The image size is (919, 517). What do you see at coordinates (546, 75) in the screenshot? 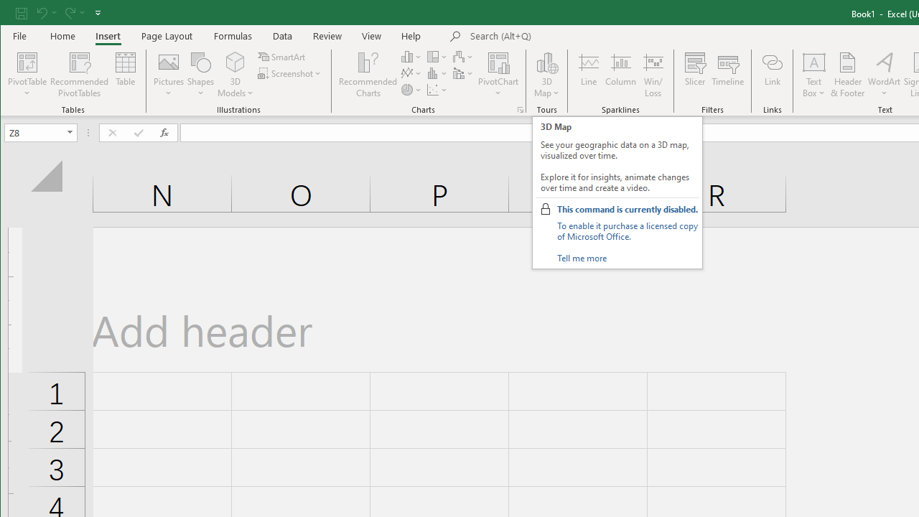
I see `'3D Map'` at bounding box center [546, 75].